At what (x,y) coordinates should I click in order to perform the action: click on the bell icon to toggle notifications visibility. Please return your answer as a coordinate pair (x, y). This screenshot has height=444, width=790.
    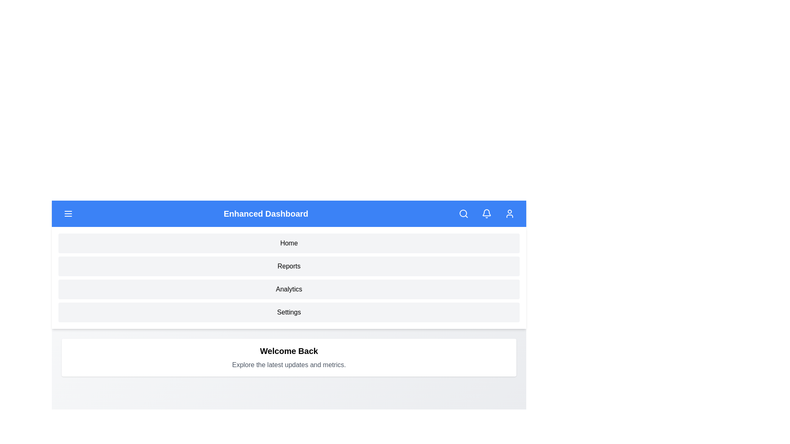
    Looking at the image, I should click on (486, 213).